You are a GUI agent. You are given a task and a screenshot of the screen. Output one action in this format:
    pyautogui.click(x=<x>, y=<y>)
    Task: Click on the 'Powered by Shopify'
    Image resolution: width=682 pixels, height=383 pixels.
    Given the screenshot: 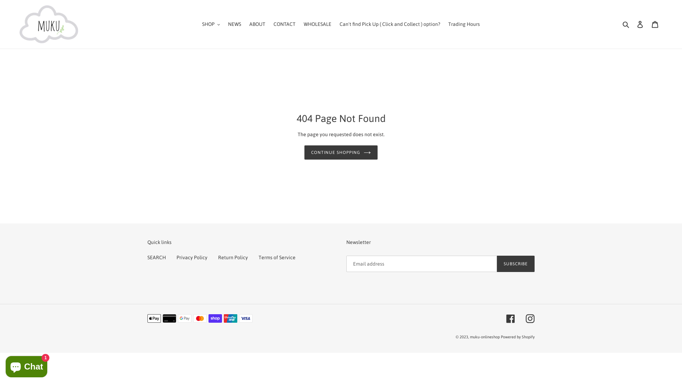 What is the action you would take?
    pyautogui.click(x=500, y=337)
    